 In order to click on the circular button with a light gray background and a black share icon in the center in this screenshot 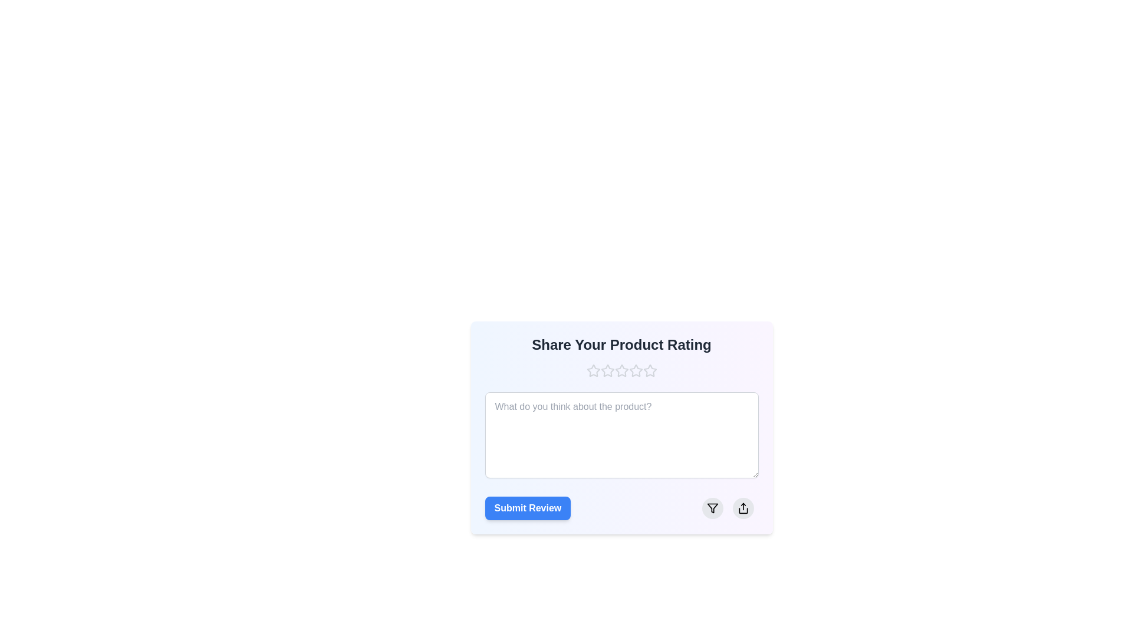, I will do `click(742, 507)`.